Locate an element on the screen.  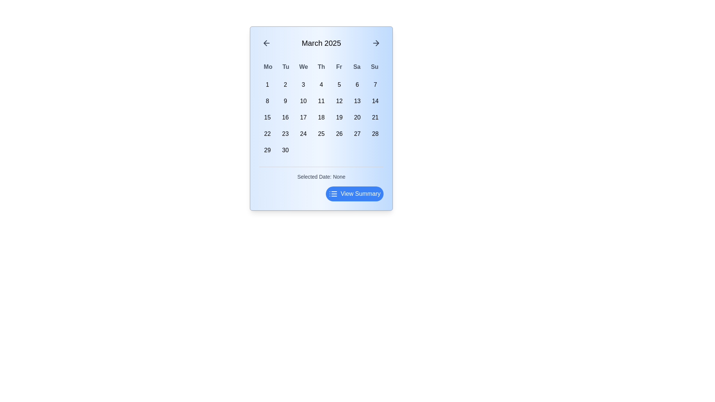
the calendar cell representing the 24th day, which is a circular button with a light background that changes on hover is located at coordinates (303, 133).